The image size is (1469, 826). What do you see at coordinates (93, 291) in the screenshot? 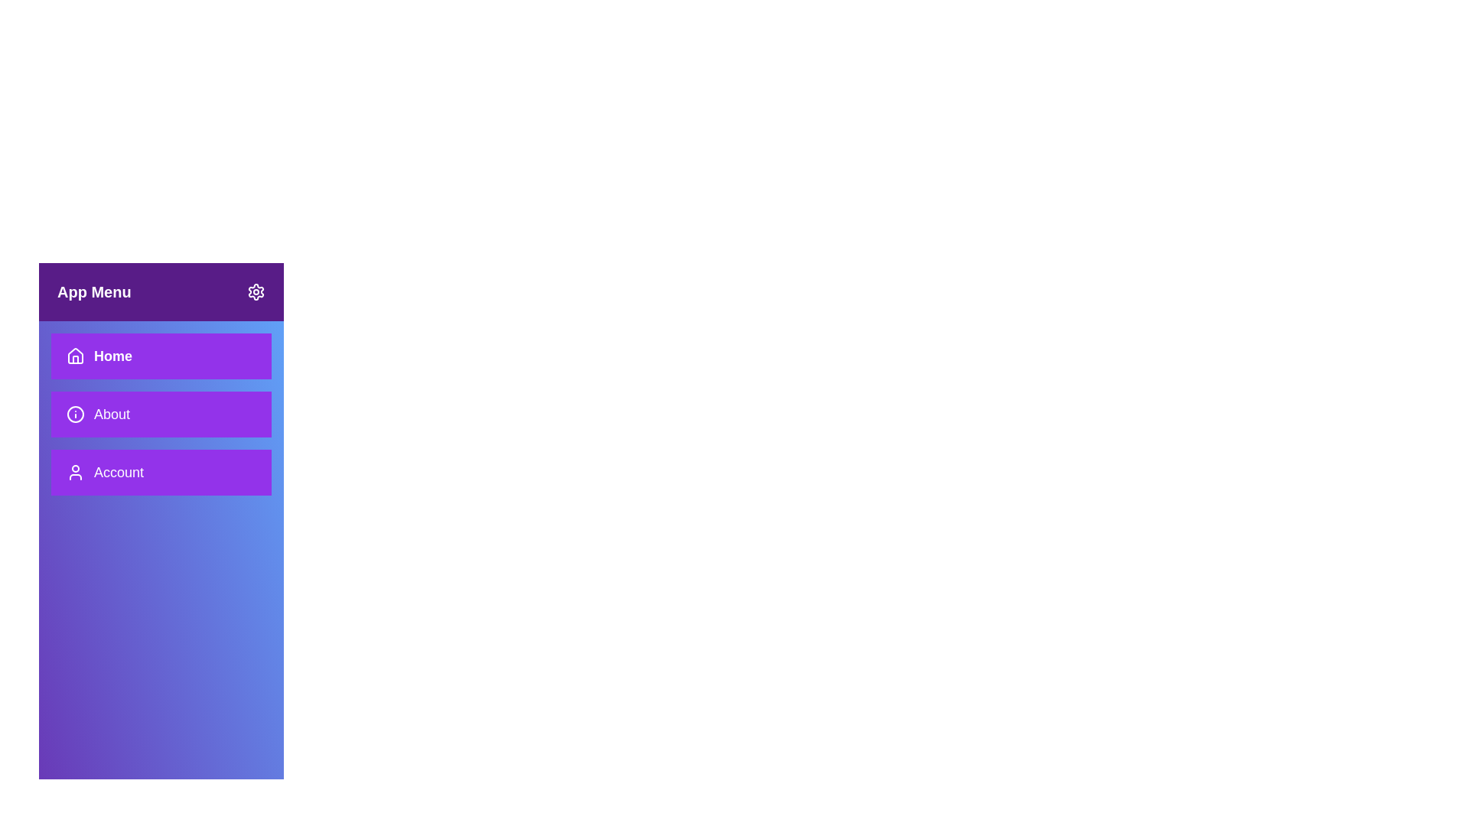
I see `the center of the 'App Menu' text to select it` at bounding box center [93, 291].